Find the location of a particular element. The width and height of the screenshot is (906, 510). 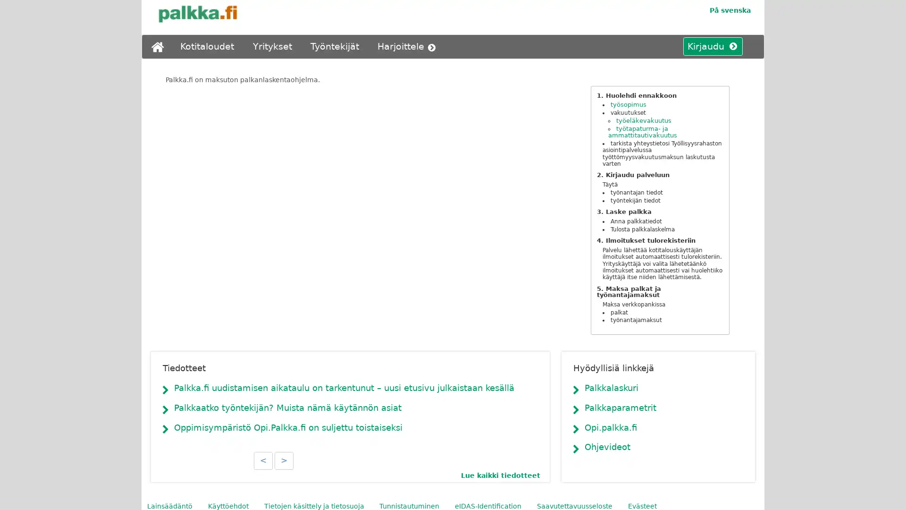

Harjoittele is located at coordinates (409, 47).